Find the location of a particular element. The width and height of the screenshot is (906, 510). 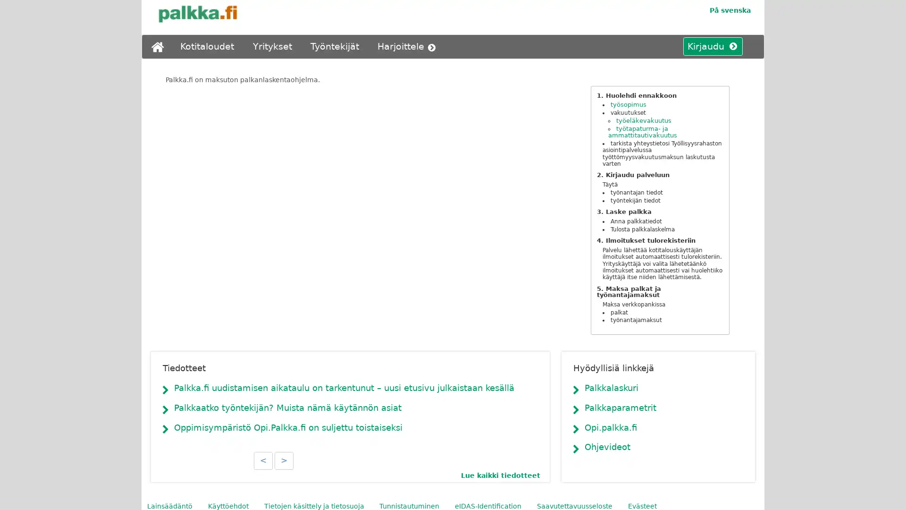

Harjoittele is located at coordinates (409, 47).